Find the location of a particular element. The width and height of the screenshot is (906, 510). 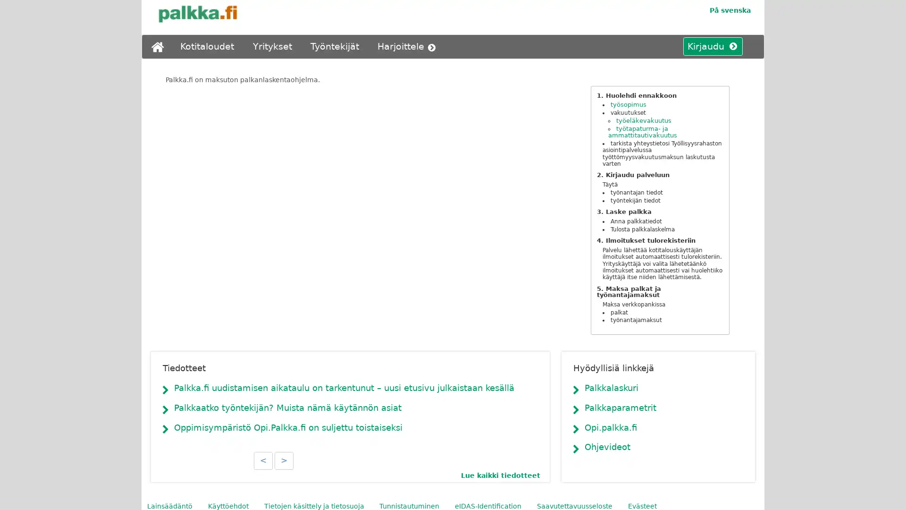

Harjoittele is located at coordinates (409, 47).